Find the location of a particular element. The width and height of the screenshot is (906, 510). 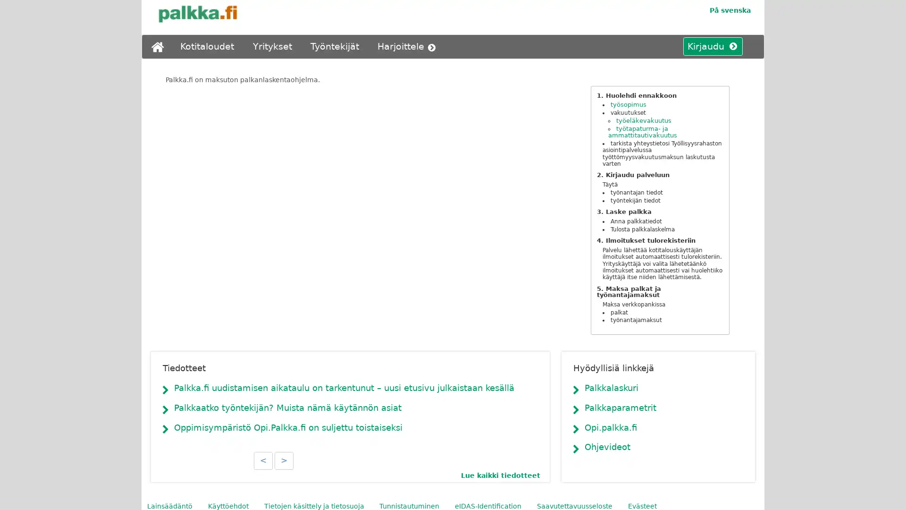

Harjoittele is located at coordinates (409, 47).